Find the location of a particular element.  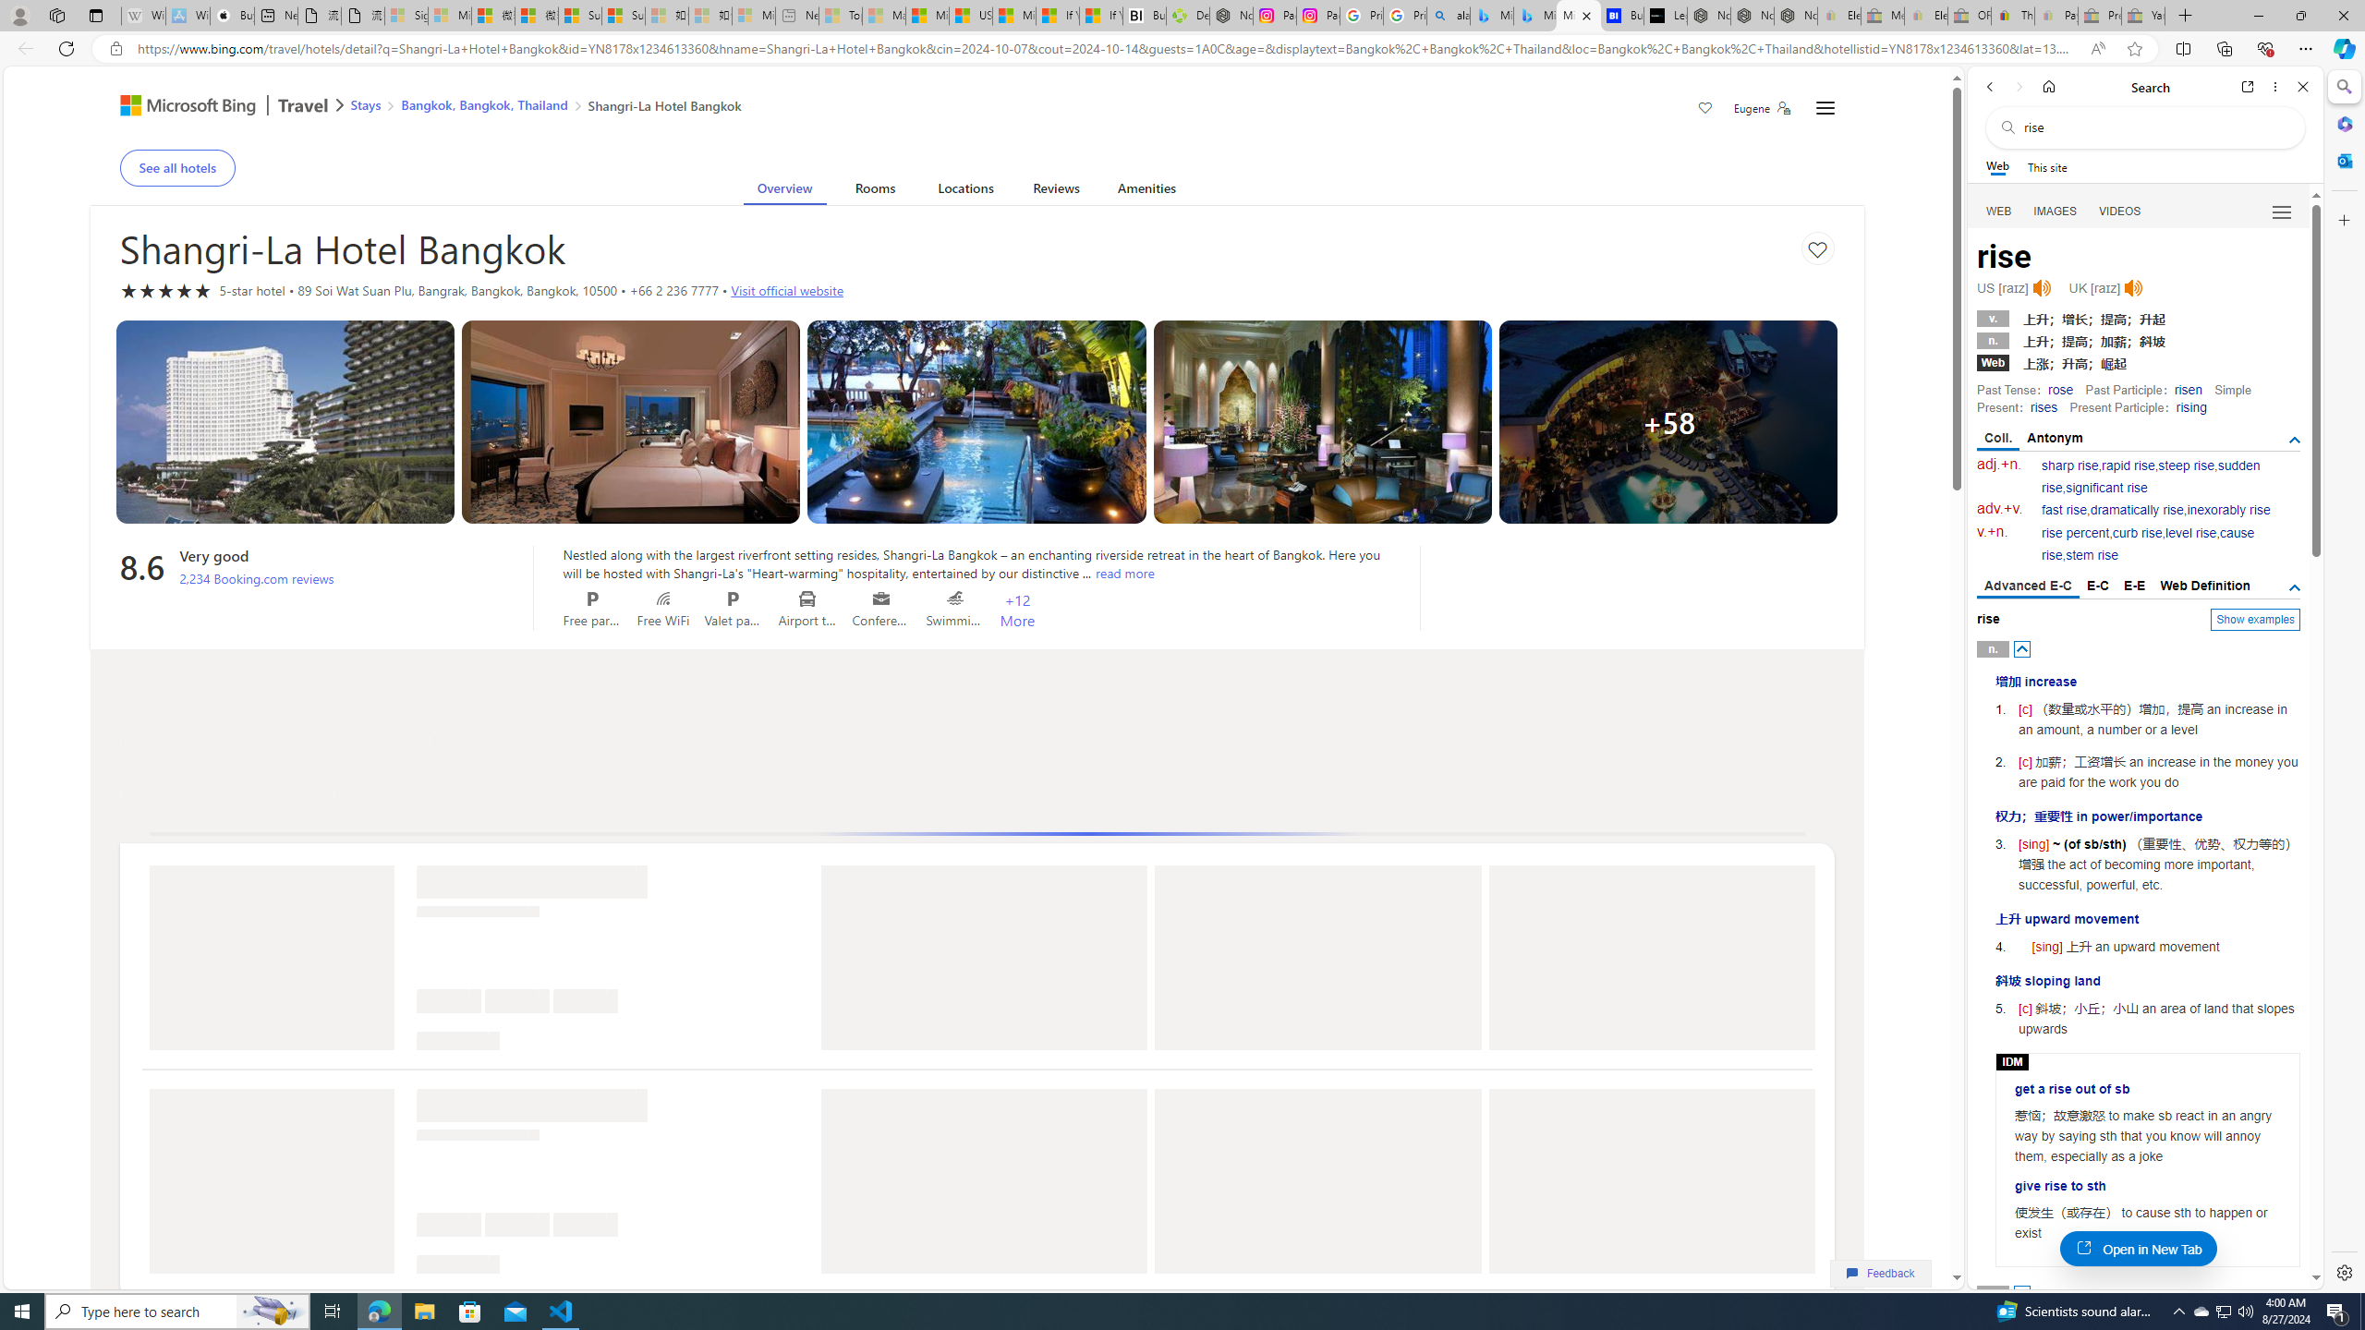

'AutomationID: posbtn_1' is located at coordinates (2022, 1294).